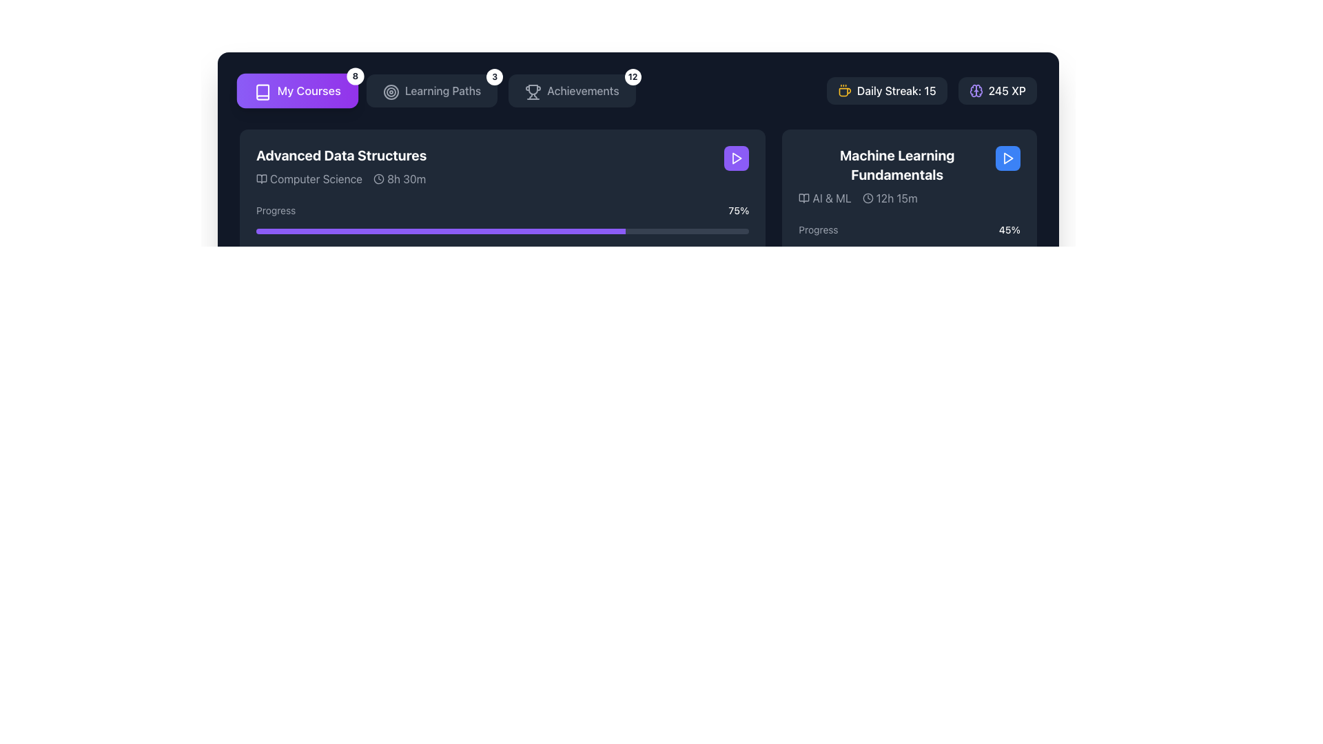 This screenshot has width=1323, height=744. I want to click on text label displaying '8h 30m' which is styled in white text on a dark background, located to the right of a clock icon within the 'Advanced Data Structures' section, so click(406, 178).